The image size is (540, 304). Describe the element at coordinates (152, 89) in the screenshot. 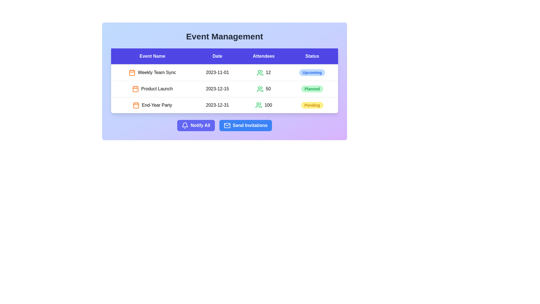

I see `the row corresponding to the event 'Product Launch' to view its details` at that location.